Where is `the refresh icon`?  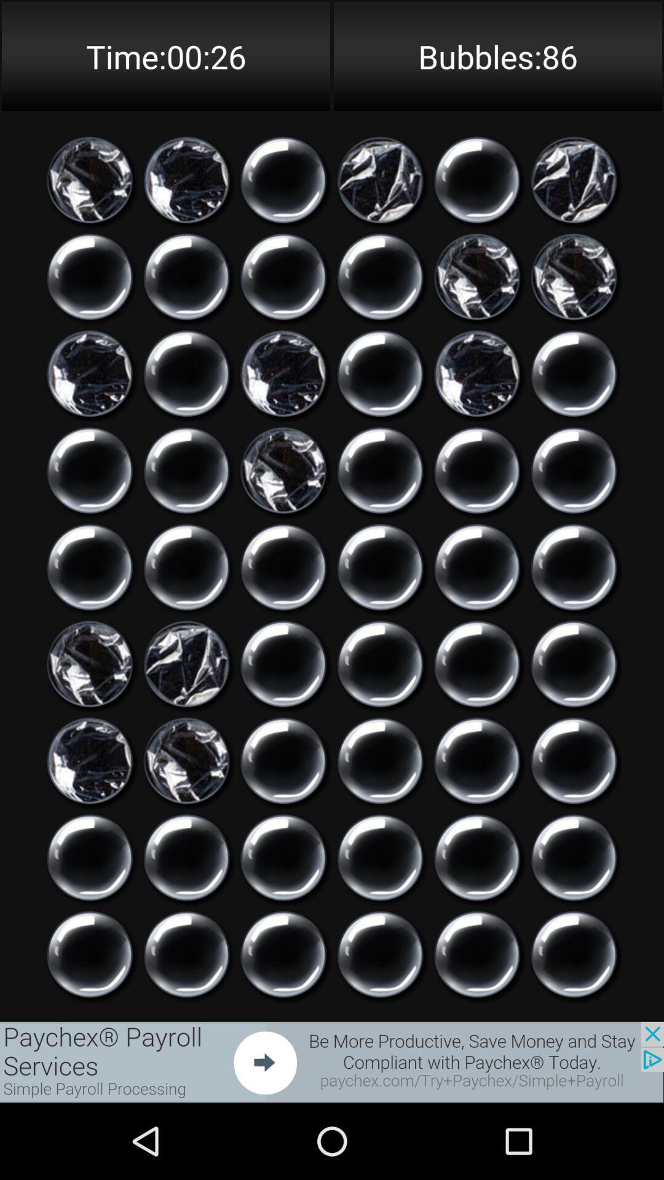 the refresh icon is located at coordinates (476, 192).